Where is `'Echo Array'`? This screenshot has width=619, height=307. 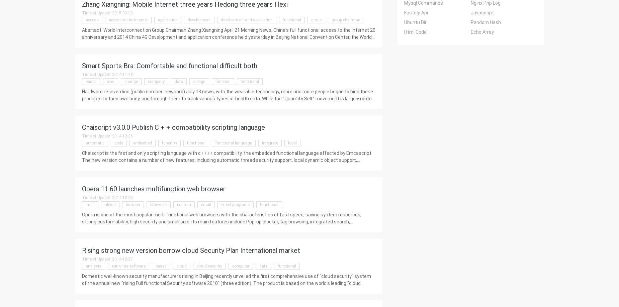 'Echo Array' is located at coordinates (482, 32).